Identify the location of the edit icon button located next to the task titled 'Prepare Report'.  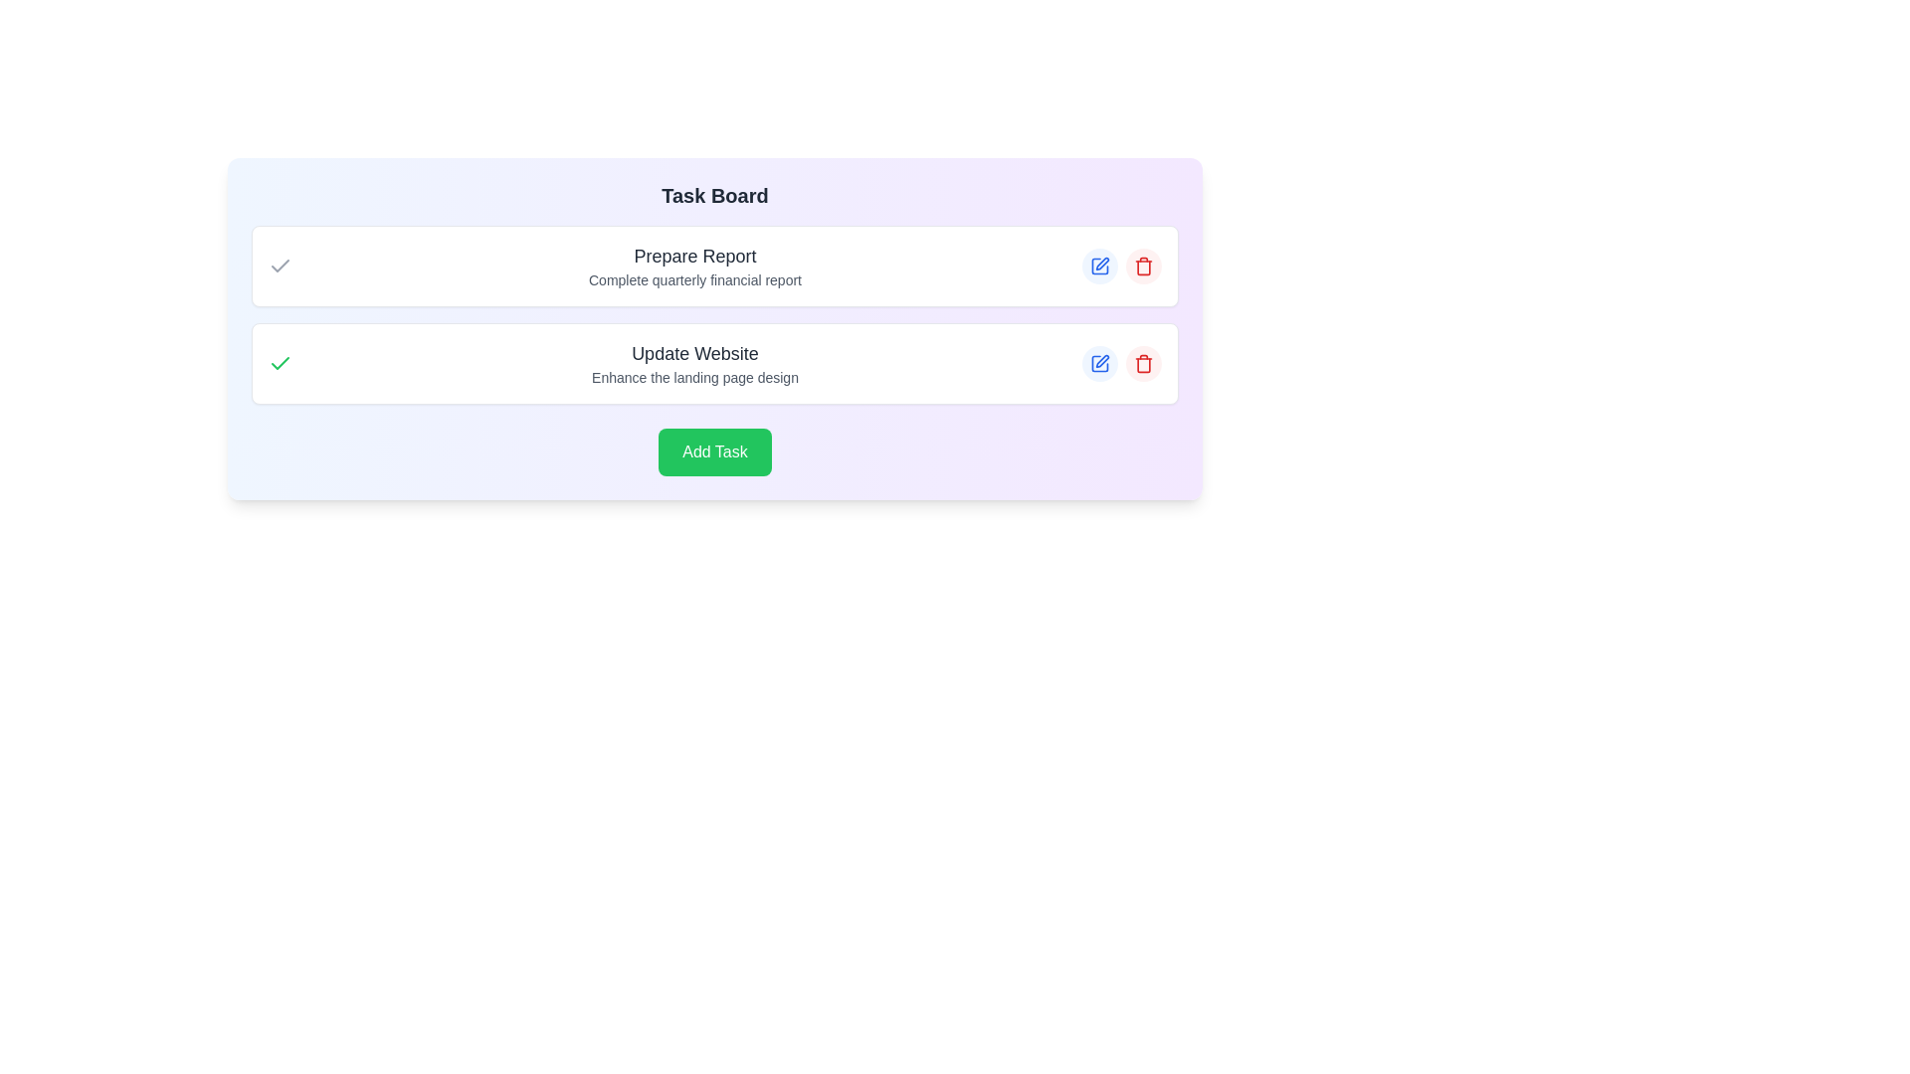
(1098, 265).